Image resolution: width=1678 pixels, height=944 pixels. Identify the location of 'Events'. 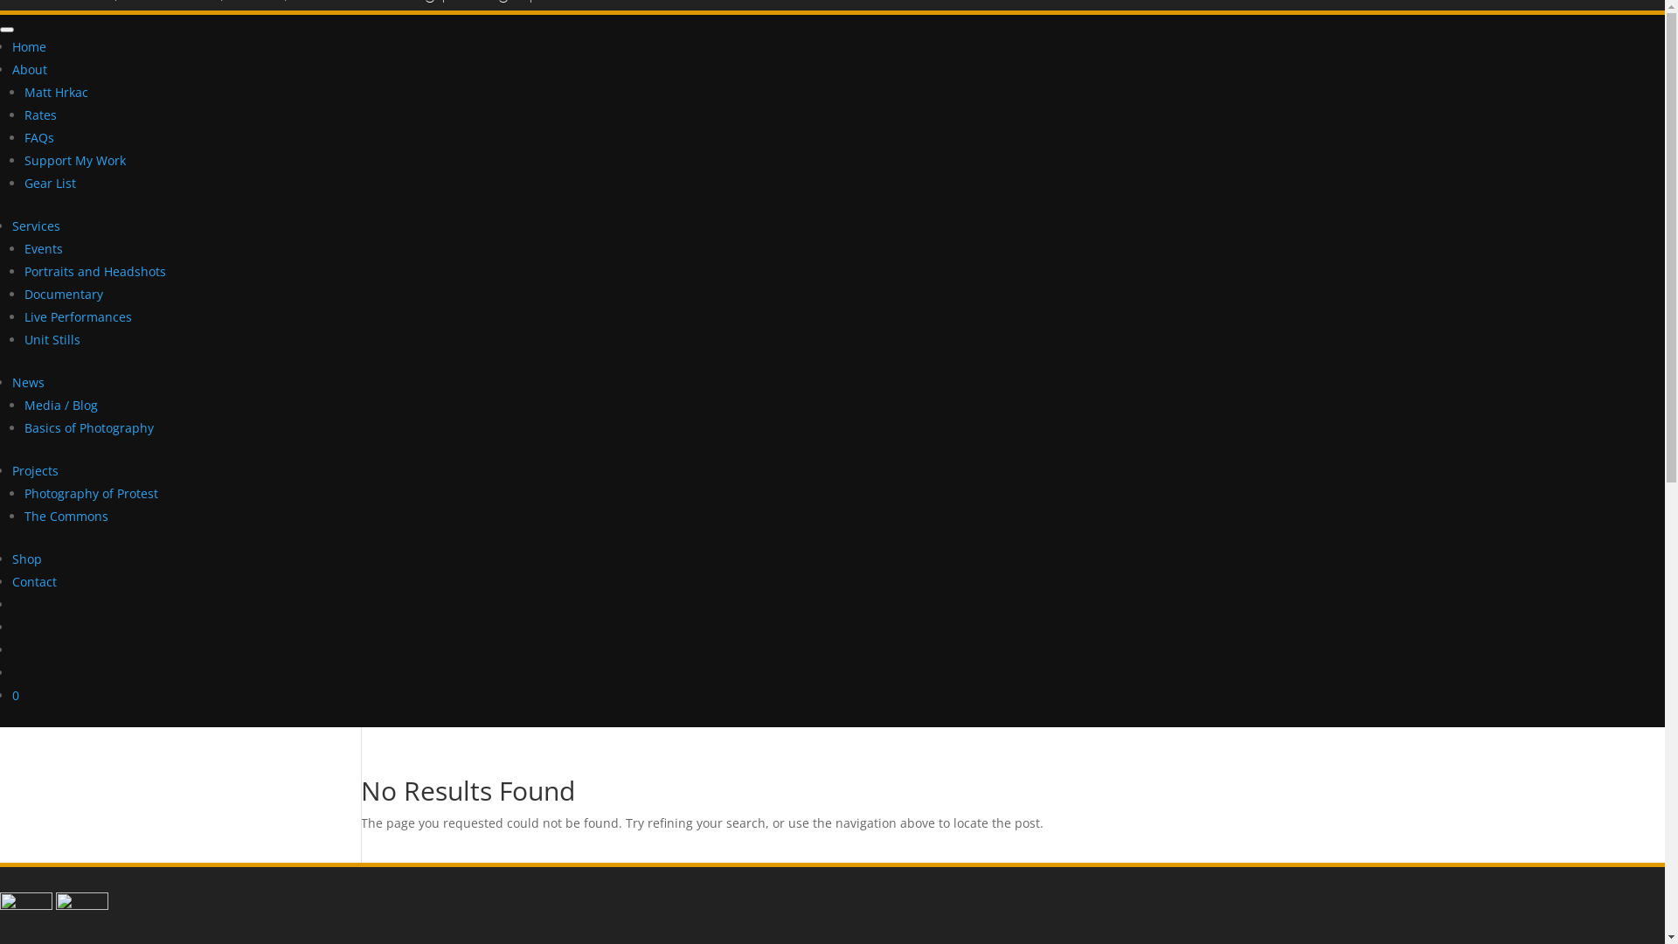
(43, 248).